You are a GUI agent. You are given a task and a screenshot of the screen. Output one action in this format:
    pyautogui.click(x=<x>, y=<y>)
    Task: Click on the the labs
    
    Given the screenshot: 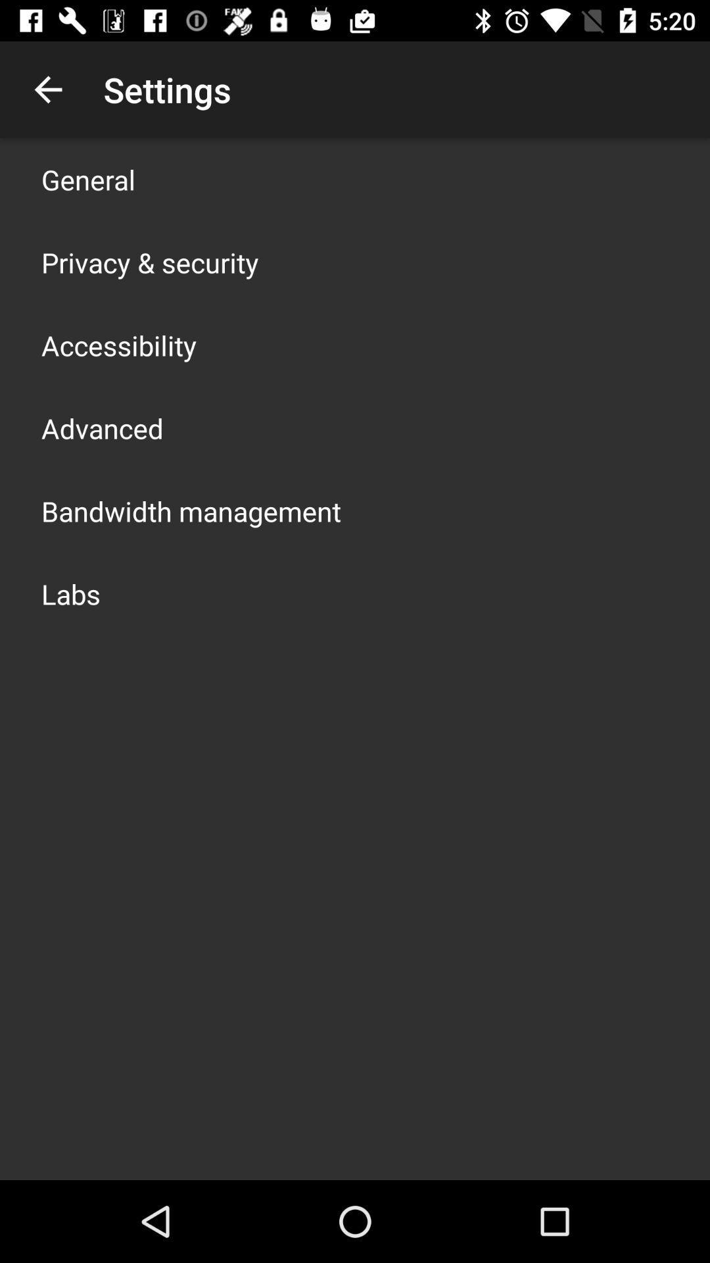 What is the action you would take?
    pyautogui.click(x=71, y=593)
    